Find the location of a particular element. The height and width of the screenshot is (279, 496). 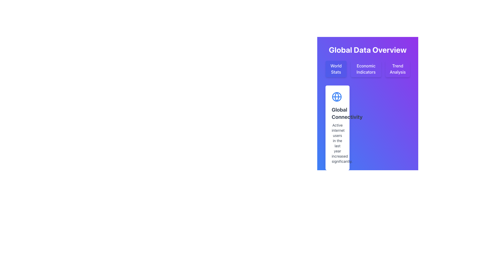

the 'Economic Indicators' button located below the 'Global Data Overview' heading to change its styling is located at coordinates (367, 68).